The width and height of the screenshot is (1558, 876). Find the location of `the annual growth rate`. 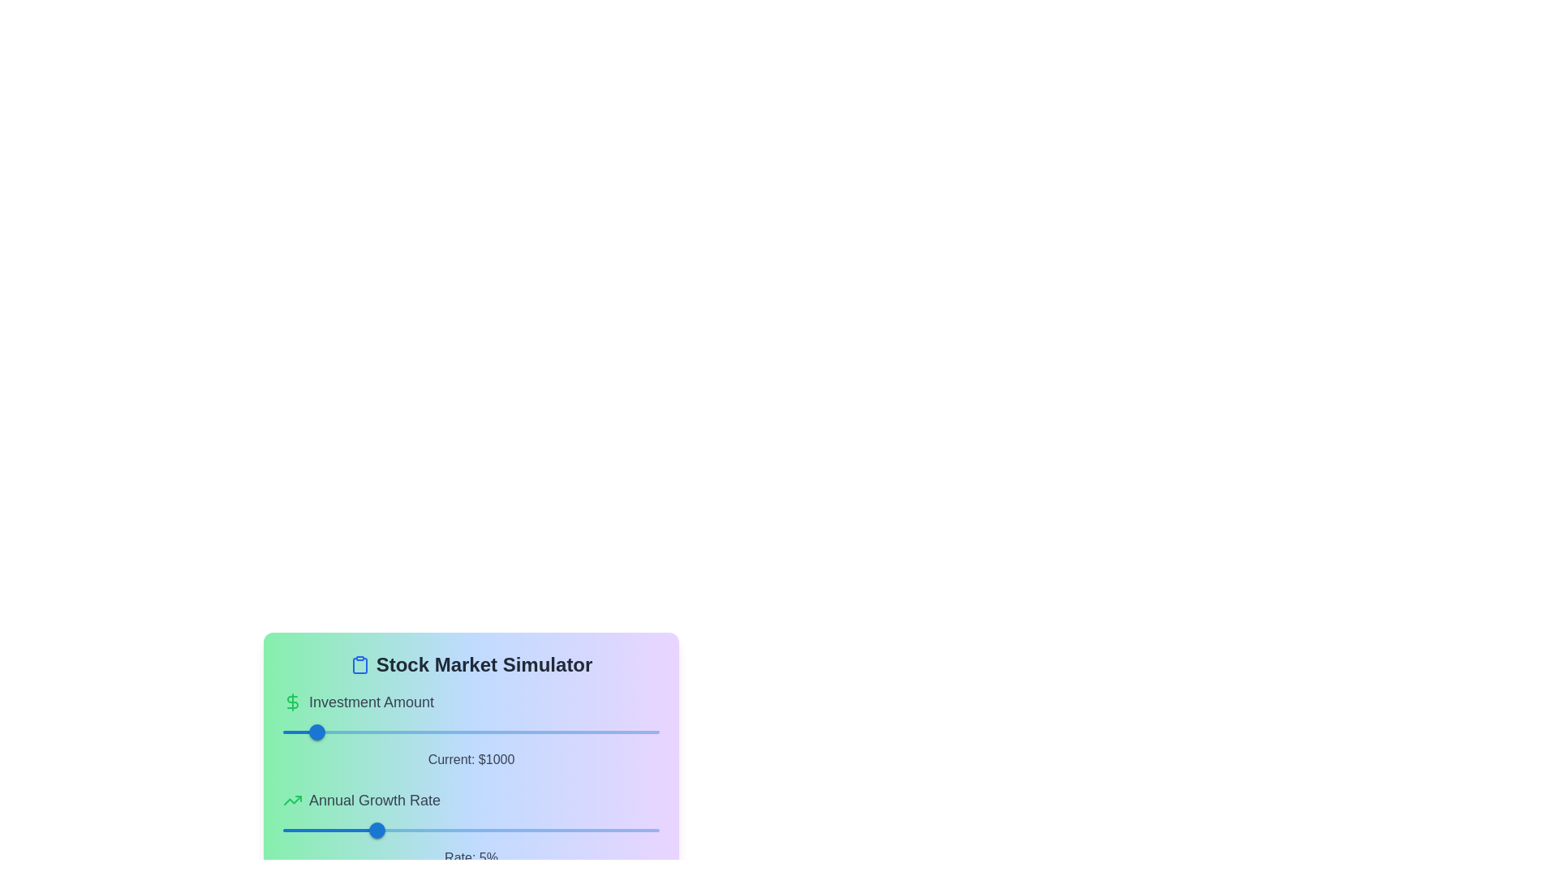

the annual growth rate is located at coordinates (580, 830).